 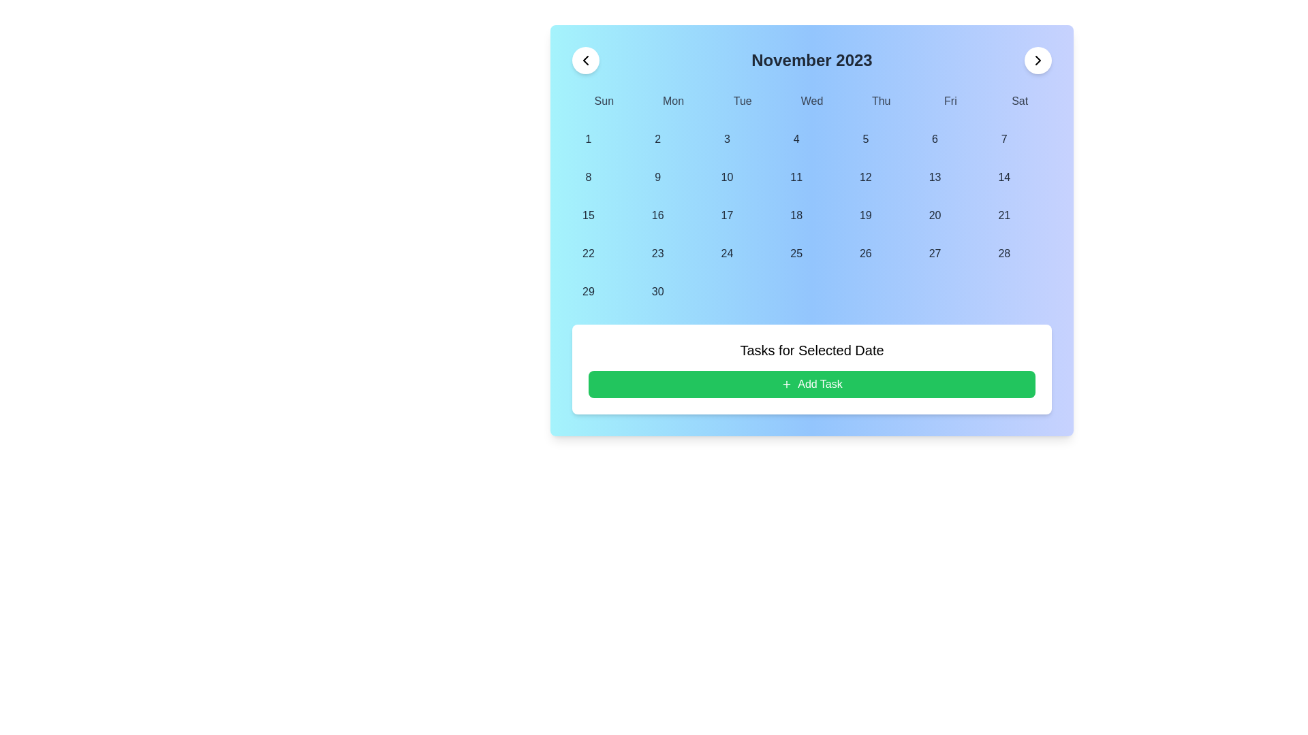 What do you see at coordinates (657, 254) in the screenshot?
I see `the button labeled '23' in the calendar grid` at bounding box center [657, 254].